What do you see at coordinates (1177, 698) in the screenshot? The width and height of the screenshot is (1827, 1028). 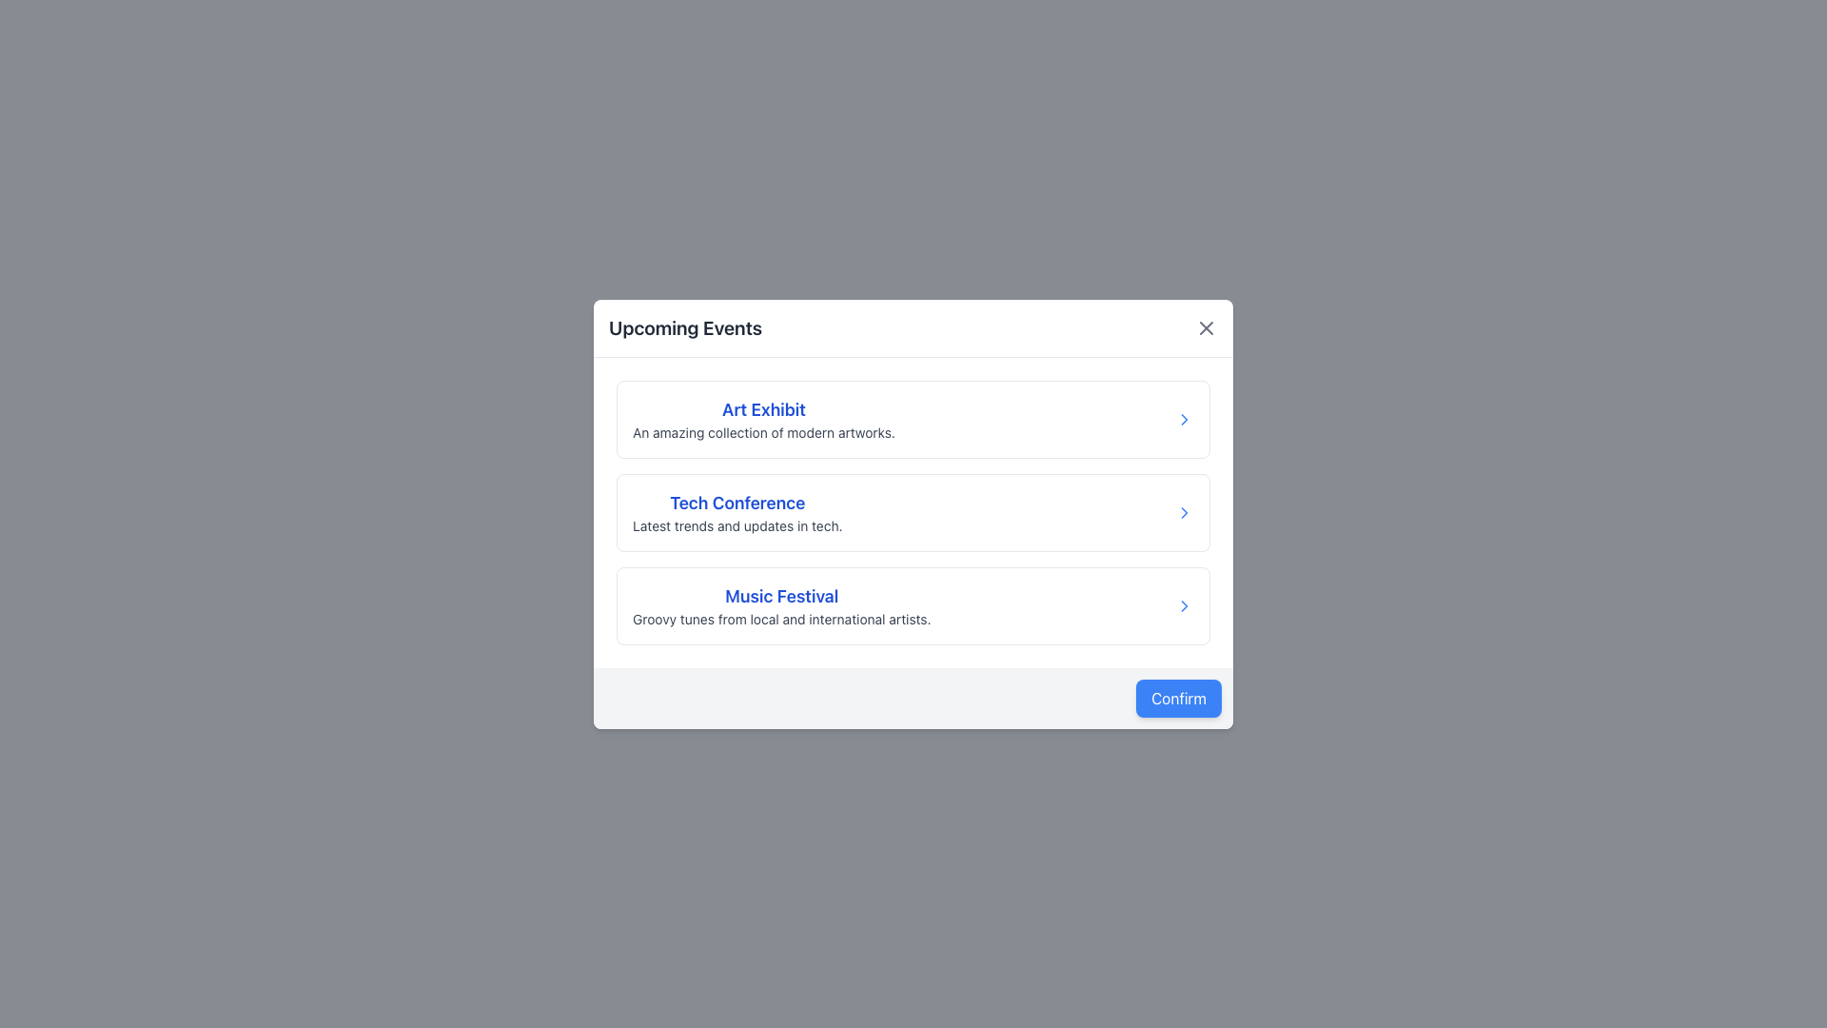 I see `the 'Confirm' button located in the bottom-right corner of the modal dialog` at bounding box center [1177, 698].